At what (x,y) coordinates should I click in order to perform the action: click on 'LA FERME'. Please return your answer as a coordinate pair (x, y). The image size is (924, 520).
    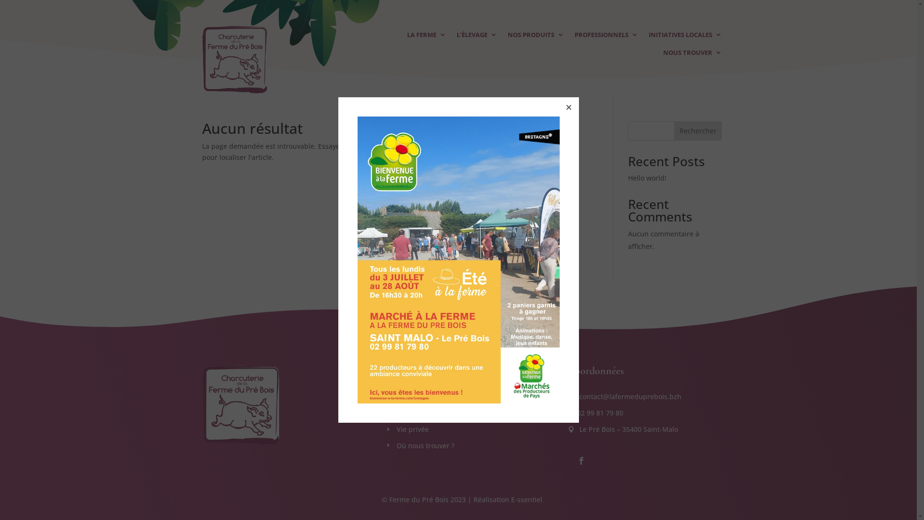
    Looking at the image, I should click on (426, 36).